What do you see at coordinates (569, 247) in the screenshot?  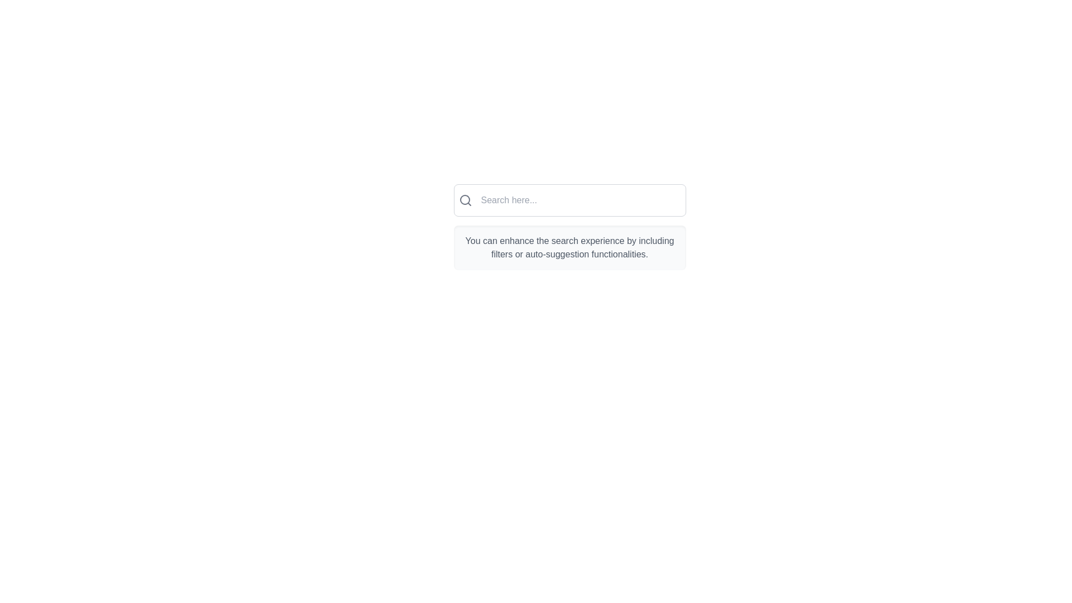 I see `the static text displaying 'You can enhance the search experience by including filters or auto-suggestion functionalities.' which is styled with gray text on a light background and positioned below the search bar` at bounding box center [569, 247].